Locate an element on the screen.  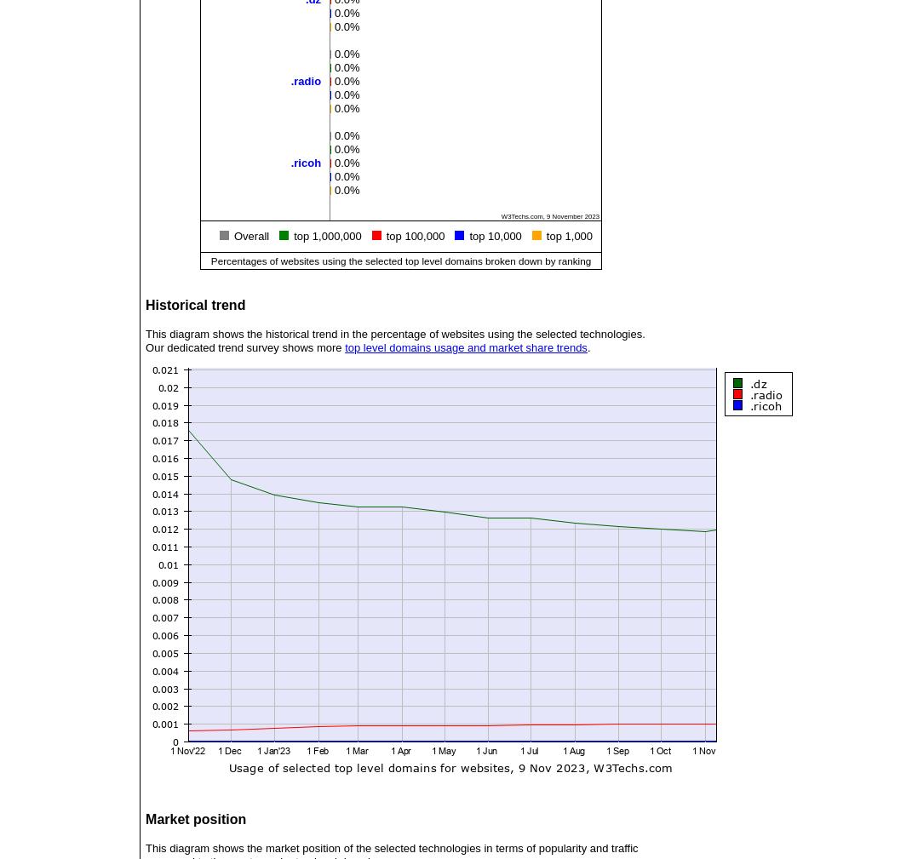
'W3Techs.com, 9 November 2023' is located at coordinates (549, 215).